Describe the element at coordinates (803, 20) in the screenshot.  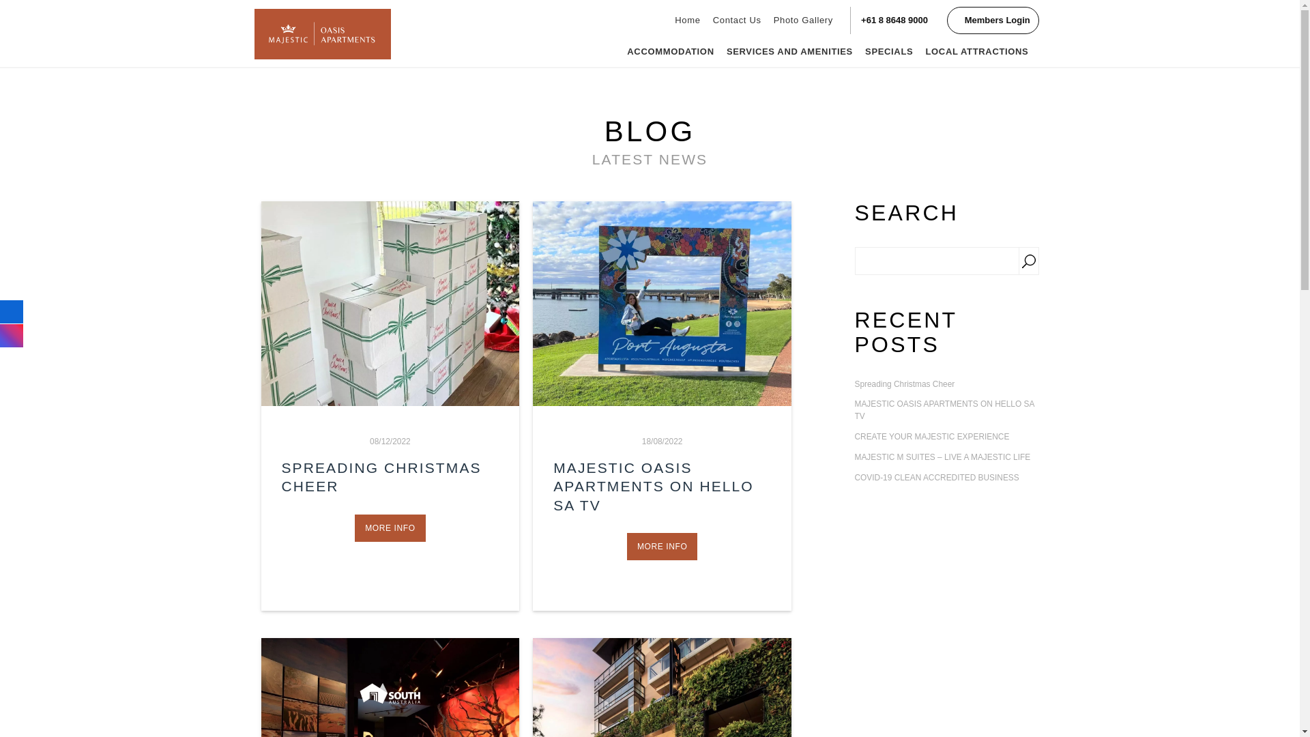
I see `'Photo Gallery'` at that location.